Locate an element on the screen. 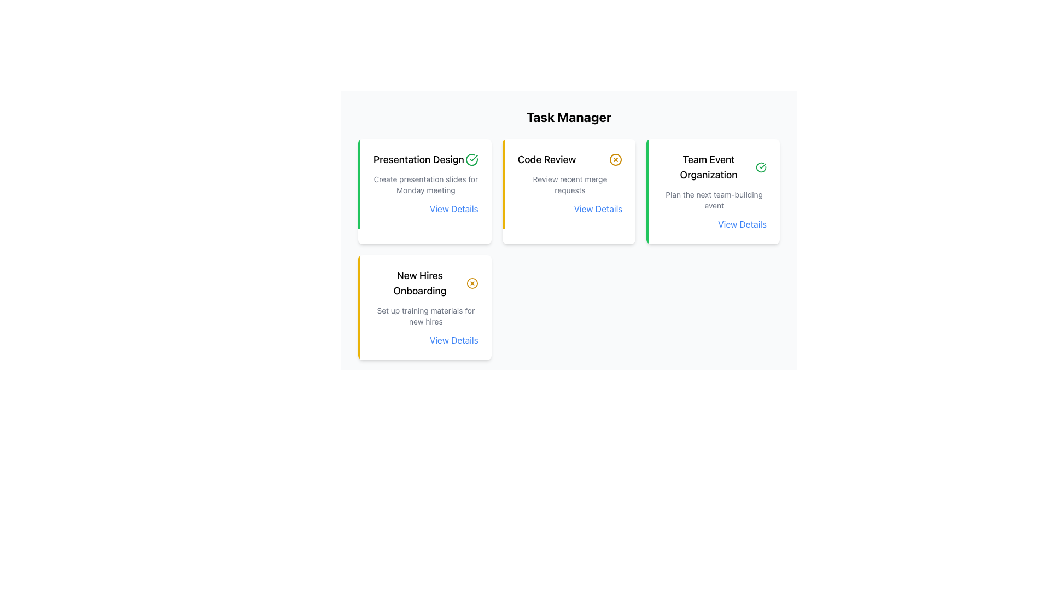 Image resolution: width=1050 pixels, height=591 pixels. the hyperlink located in the lower-right area of the 'Code Review' card is located at coordinates (598, 208).